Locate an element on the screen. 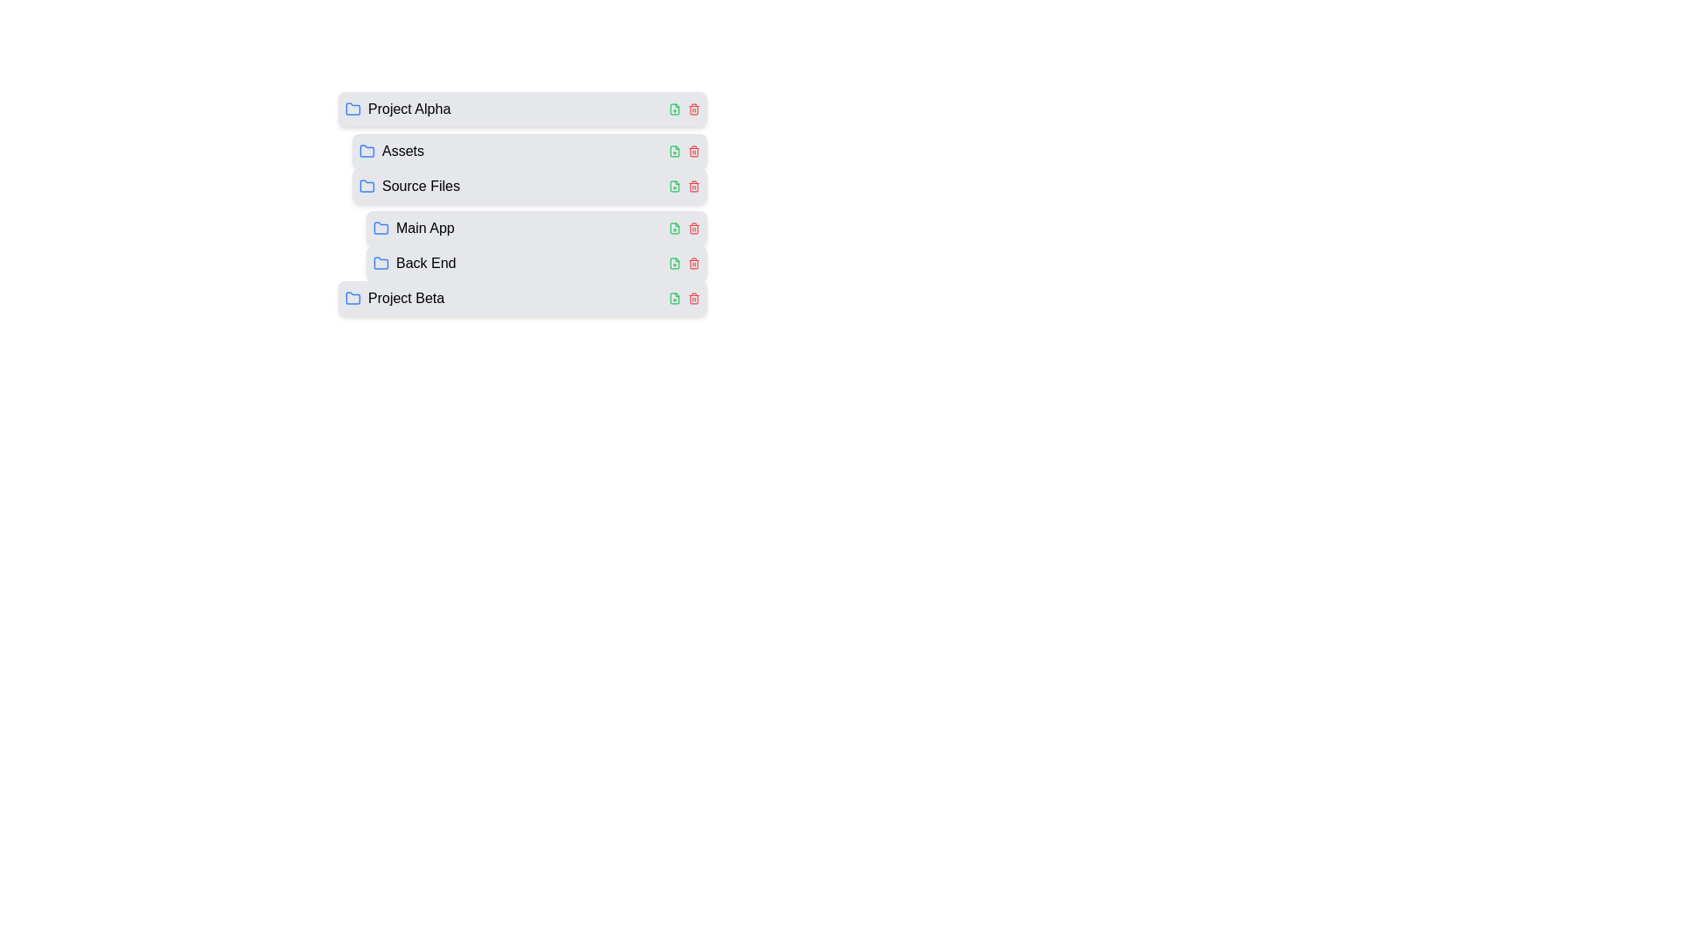 Image resolution: width=1683 pixels, height=946 pixels. the Icon Button located to the right of the 'Project Alpha' text in the top row is located at coordinates (673, 109).